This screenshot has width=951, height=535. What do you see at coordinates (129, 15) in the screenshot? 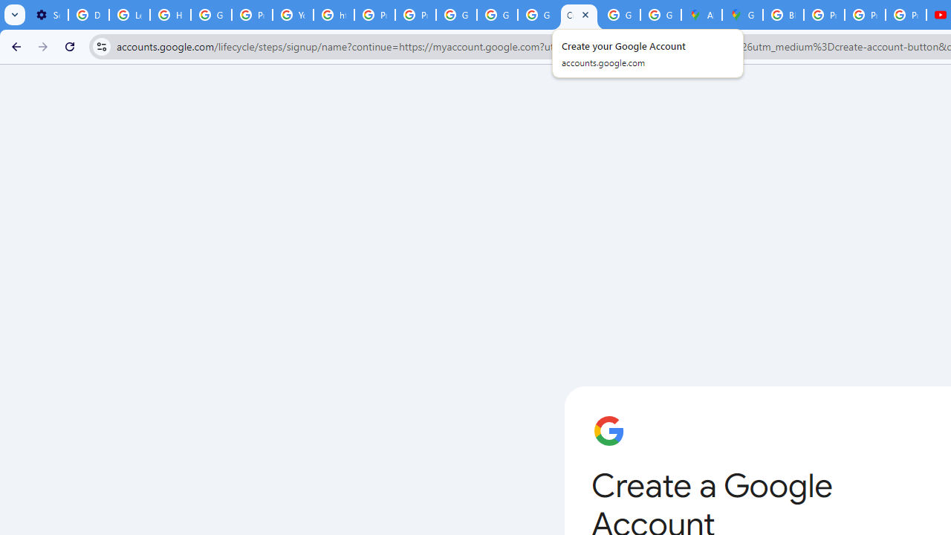
I see `'Learn how to find your photos - Google Photos Help'` at bounding box center [129, 15].